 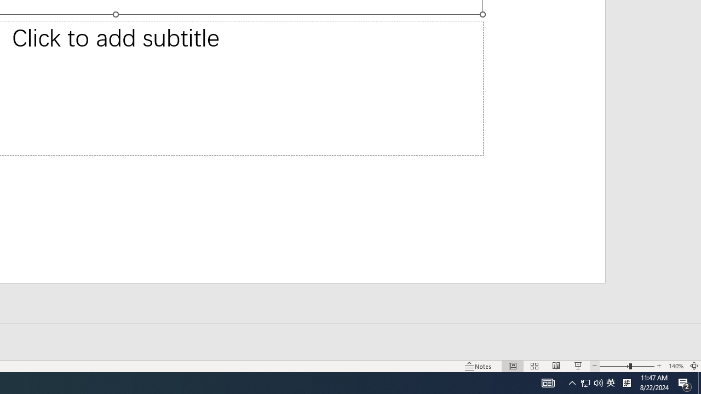 What do you see at coordinates (675, 366) in the screenshot?
I see `'Zoom 140%'` at bounding box center [675, 366].